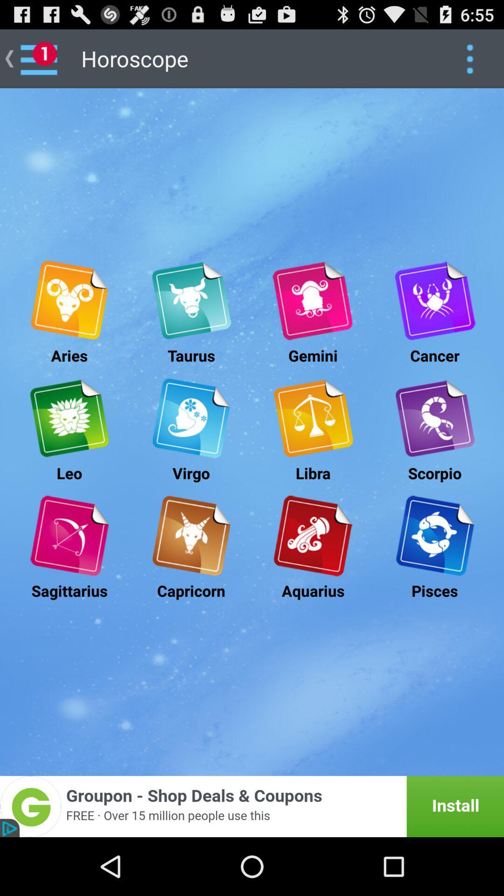 The image size is (504, 896). What do you see at coordinates (190, 301) in the screenshot?
I see `taurus` at bounding box center [190, 301].